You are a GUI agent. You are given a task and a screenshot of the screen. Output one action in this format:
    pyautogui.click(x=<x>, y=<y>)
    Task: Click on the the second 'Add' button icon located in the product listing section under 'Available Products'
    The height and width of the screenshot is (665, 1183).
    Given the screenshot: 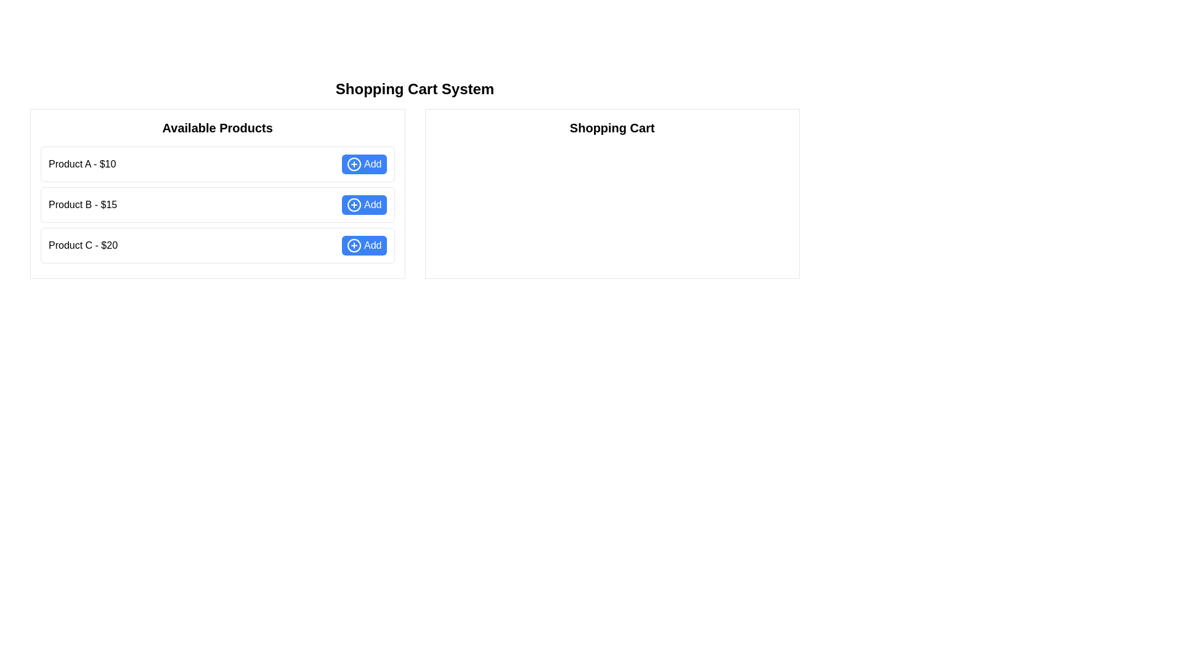 What is the action you would take?
    pyautogui.click(x=354, y=204)
    